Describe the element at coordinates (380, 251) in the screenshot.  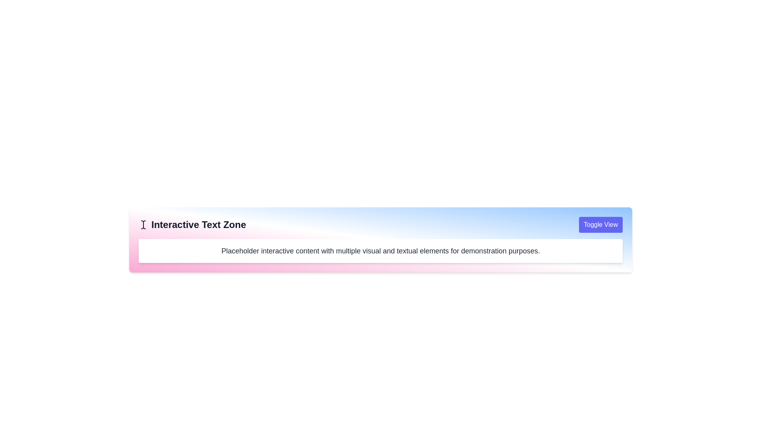
I see `the single-line gray text element displayed in the center of the white rounded card` at that location.